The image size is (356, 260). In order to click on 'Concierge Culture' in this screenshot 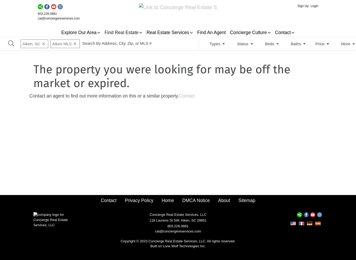, I will do `click(230, 32)`.